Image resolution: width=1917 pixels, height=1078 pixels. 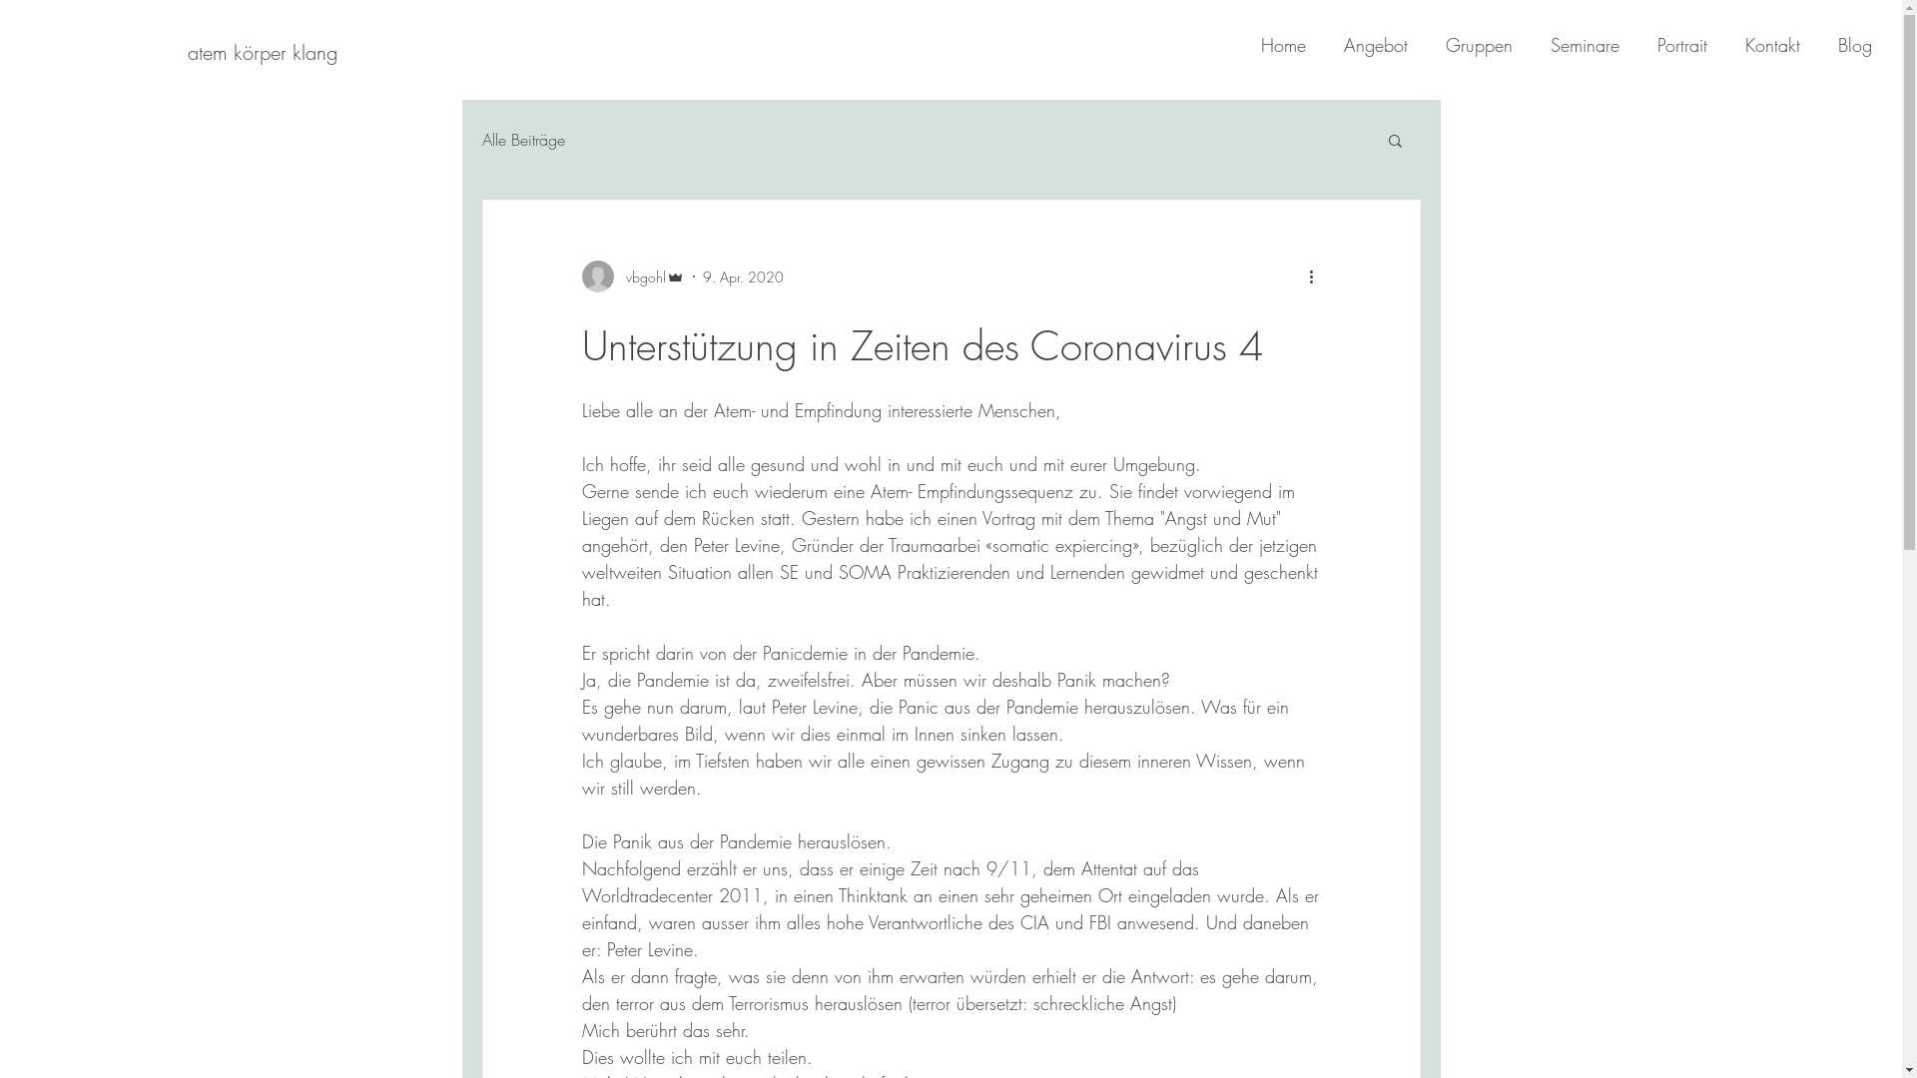 What do you see at coordinates (1844, 45) in the screenshot?
I see `'Blog'` at bounding box center [1844, 45].